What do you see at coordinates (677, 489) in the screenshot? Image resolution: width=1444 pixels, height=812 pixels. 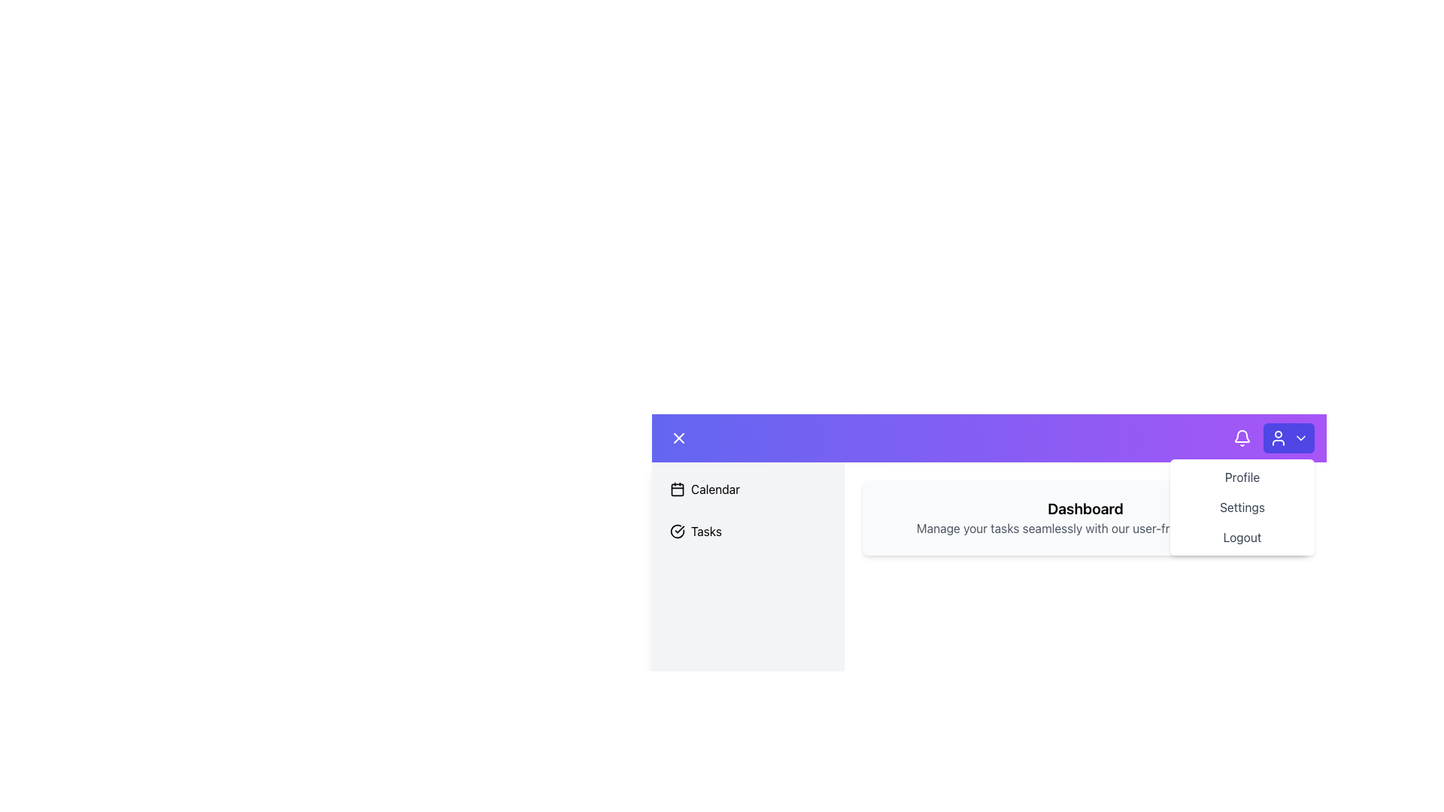 I see `the Calendar icon in the left vertical navigation panel` at bounding box center [677, 489].